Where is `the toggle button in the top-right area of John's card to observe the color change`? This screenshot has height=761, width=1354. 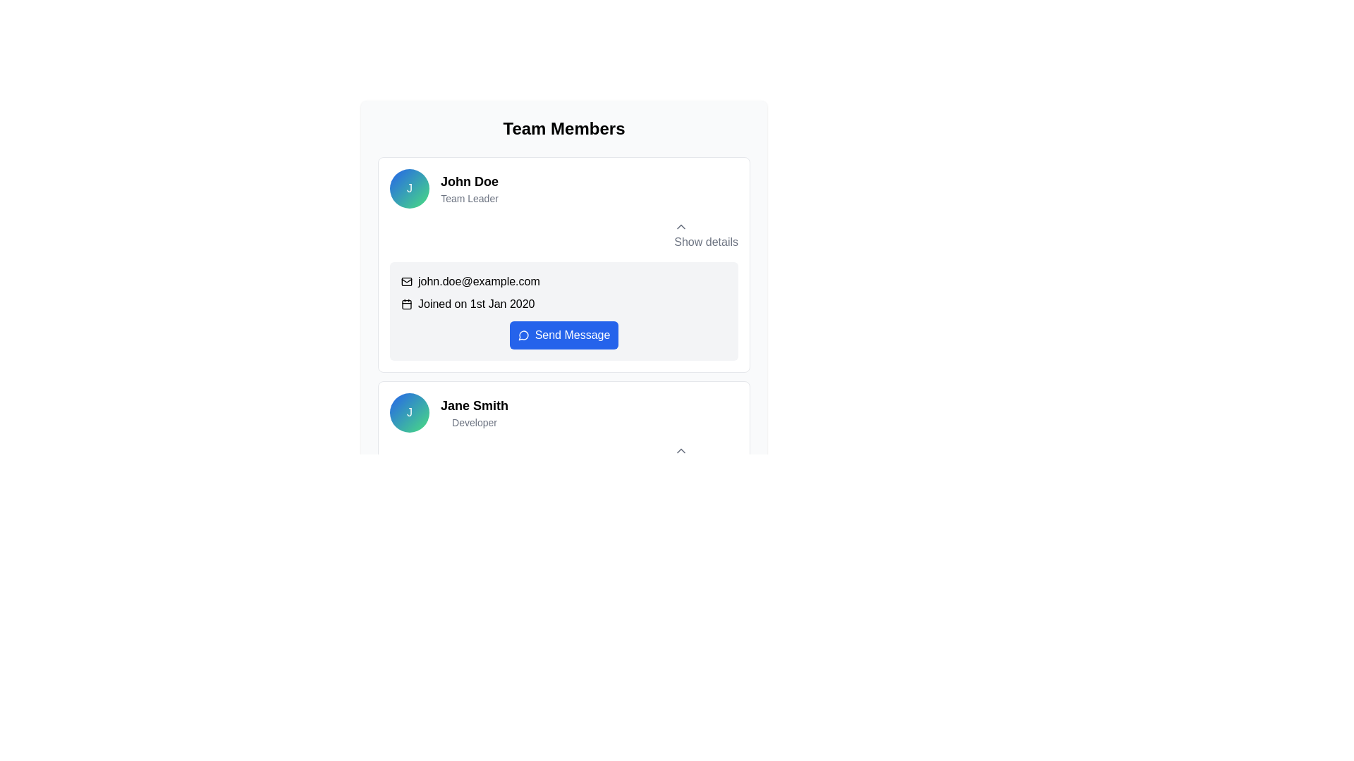 the toggle button in the top-right area of John's card to observe the color change is located at coordinates (706, 235).